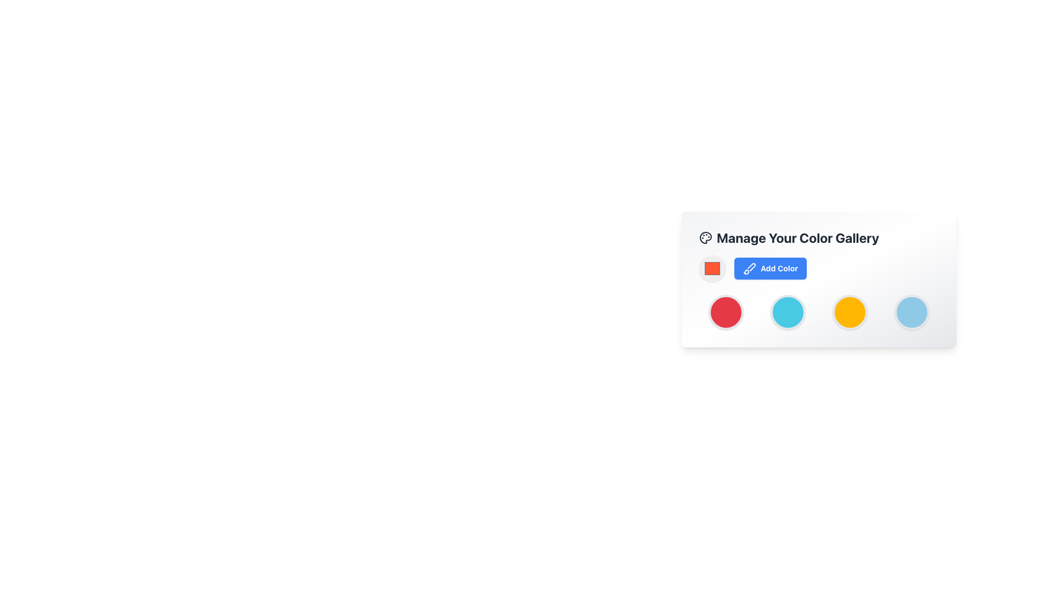  Describe the element at coordinates (726, 312) in the screenshot. I see `the first Decorative Color Button representing red color` at that location.